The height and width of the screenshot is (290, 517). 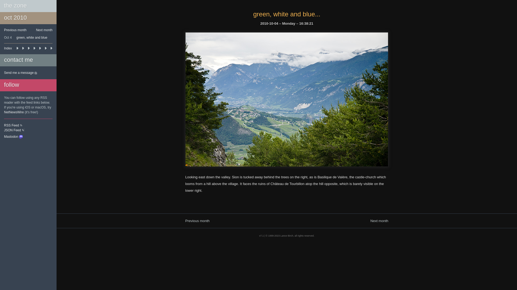 I want to click on 'Previous month', so click(x=18, y=30).